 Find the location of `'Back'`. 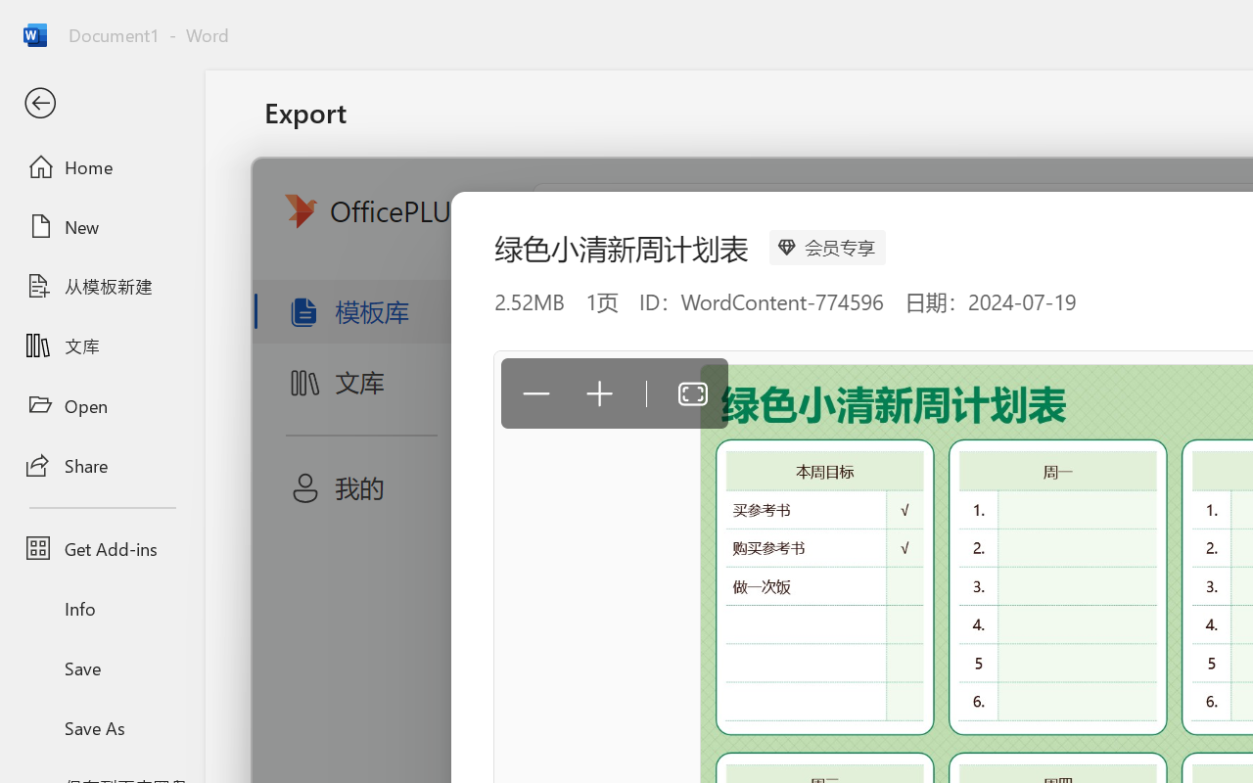

'Back' is located at coordinates (101, 103).